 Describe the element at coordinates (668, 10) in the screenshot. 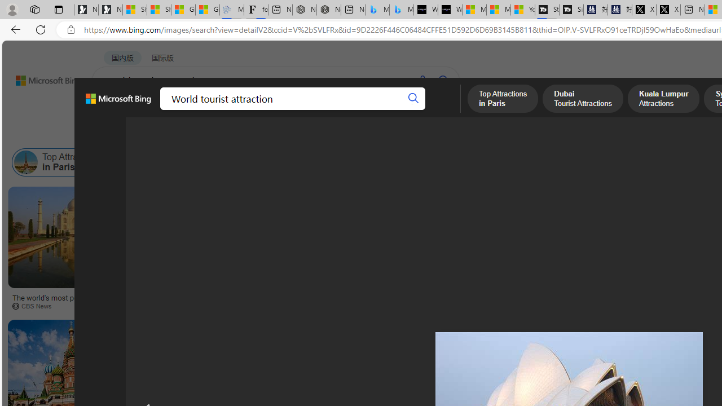

I see `'X'` at that location.